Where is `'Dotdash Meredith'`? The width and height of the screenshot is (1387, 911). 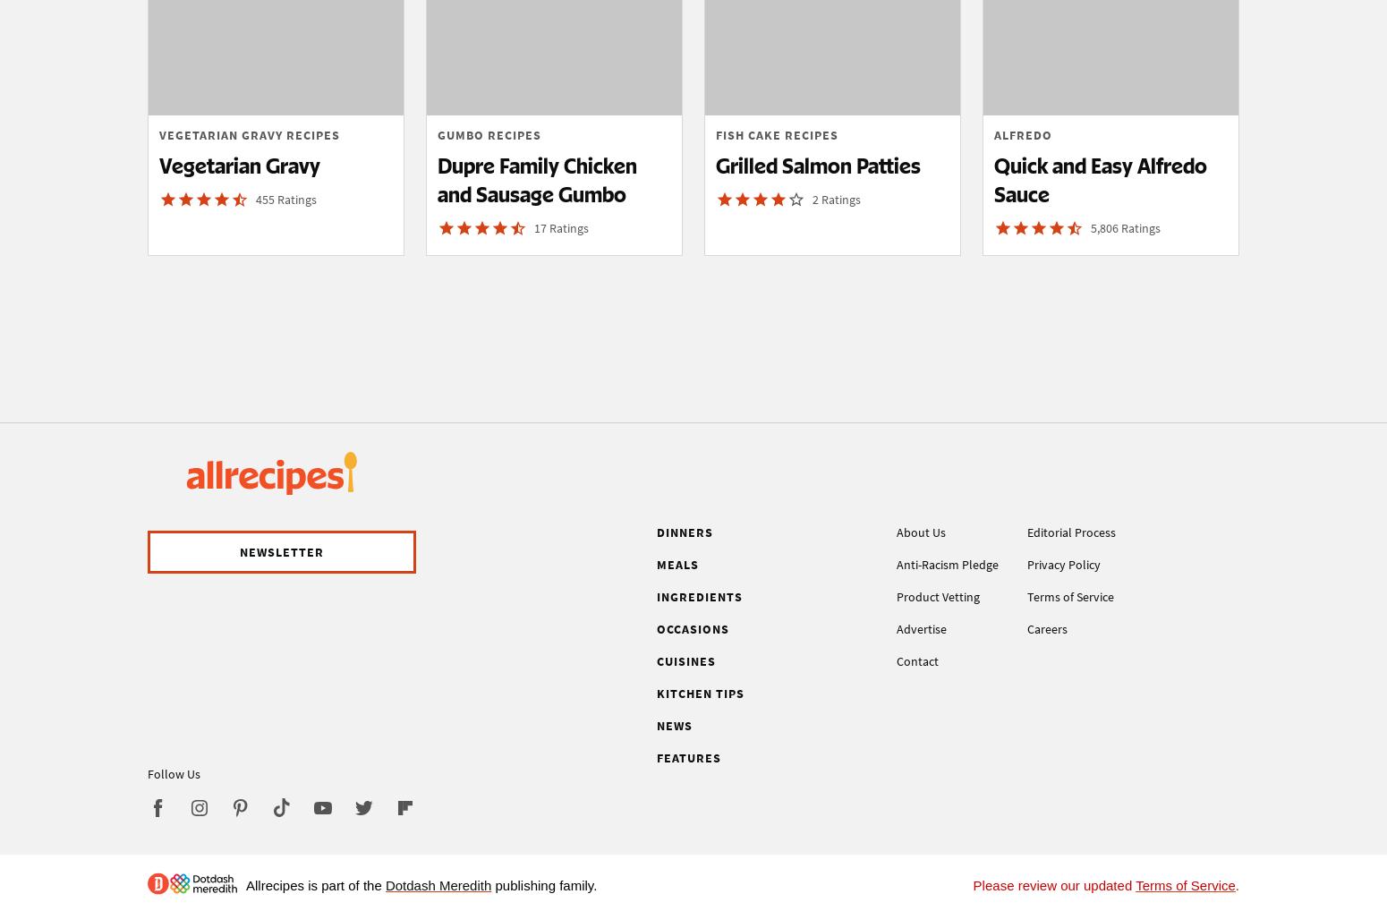 'Dotdash Meredith' is located at coordinates (437, 885).